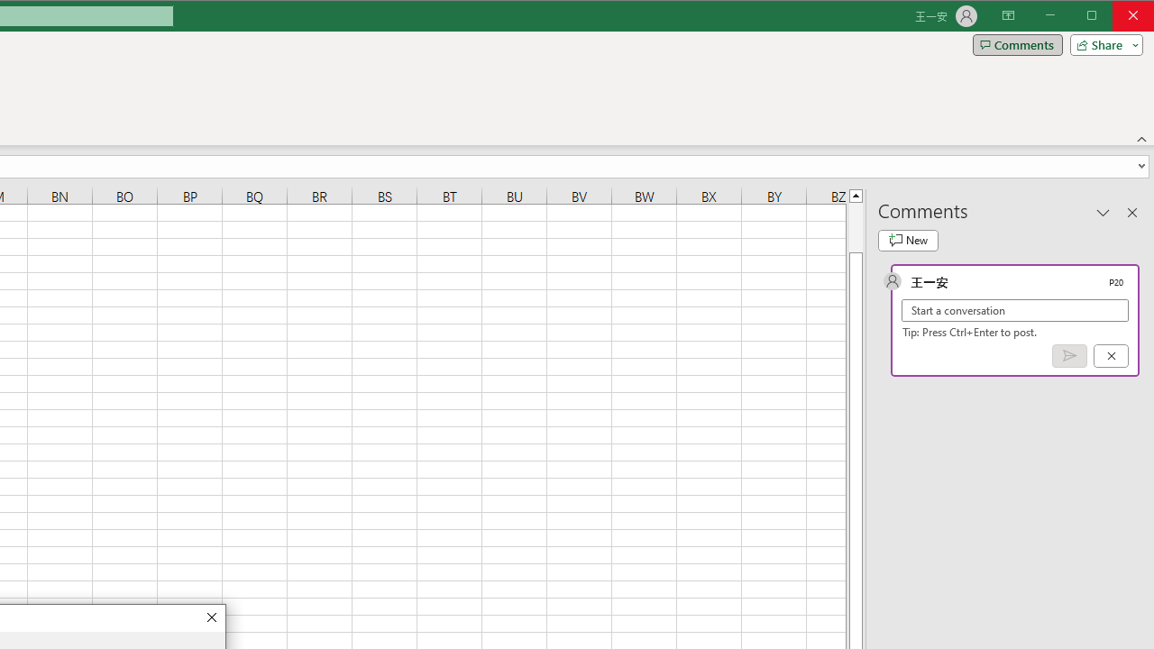 This screenshot has width=1154, height=649. I want to click on 'New comment', so click(908, 240).